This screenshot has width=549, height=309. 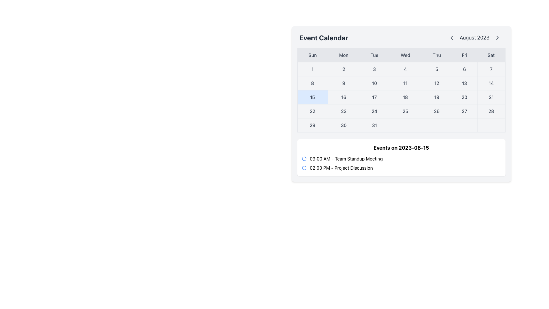 I want to click on the calendar day cell displaying the number '30', so click(x=401, y=125).